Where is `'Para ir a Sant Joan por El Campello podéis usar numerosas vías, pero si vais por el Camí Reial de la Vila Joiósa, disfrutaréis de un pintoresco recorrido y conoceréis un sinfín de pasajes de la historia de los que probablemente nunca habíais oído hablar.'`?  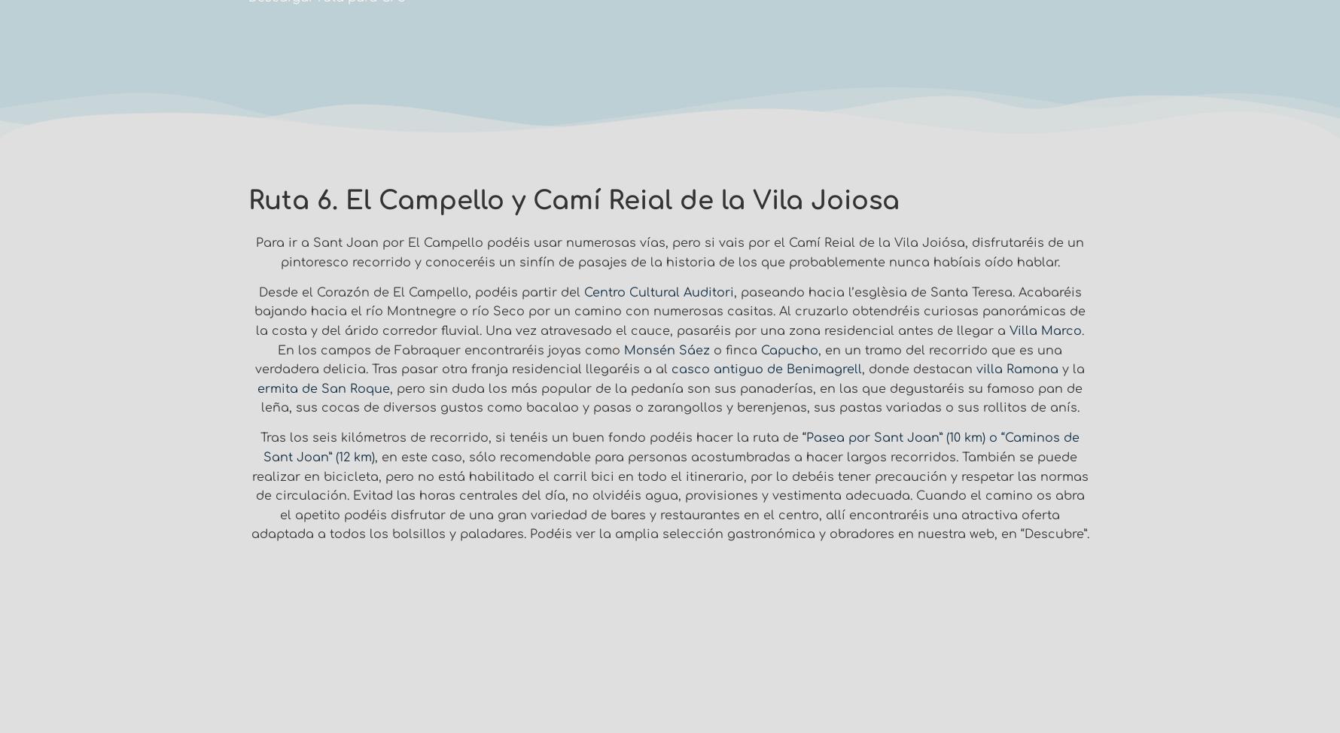 'Para ir a Sant Joan por El Campello podéis usar numerosas vías, pero si vais por el Camí Reial de la Vila Joiósa, disfrutaréis de un pintoresco recorrido y conoceréis un sinfín de pasajes de la historia de los que probablemente nunca habíais oído hablar.' is located at coordinates (670, 252).